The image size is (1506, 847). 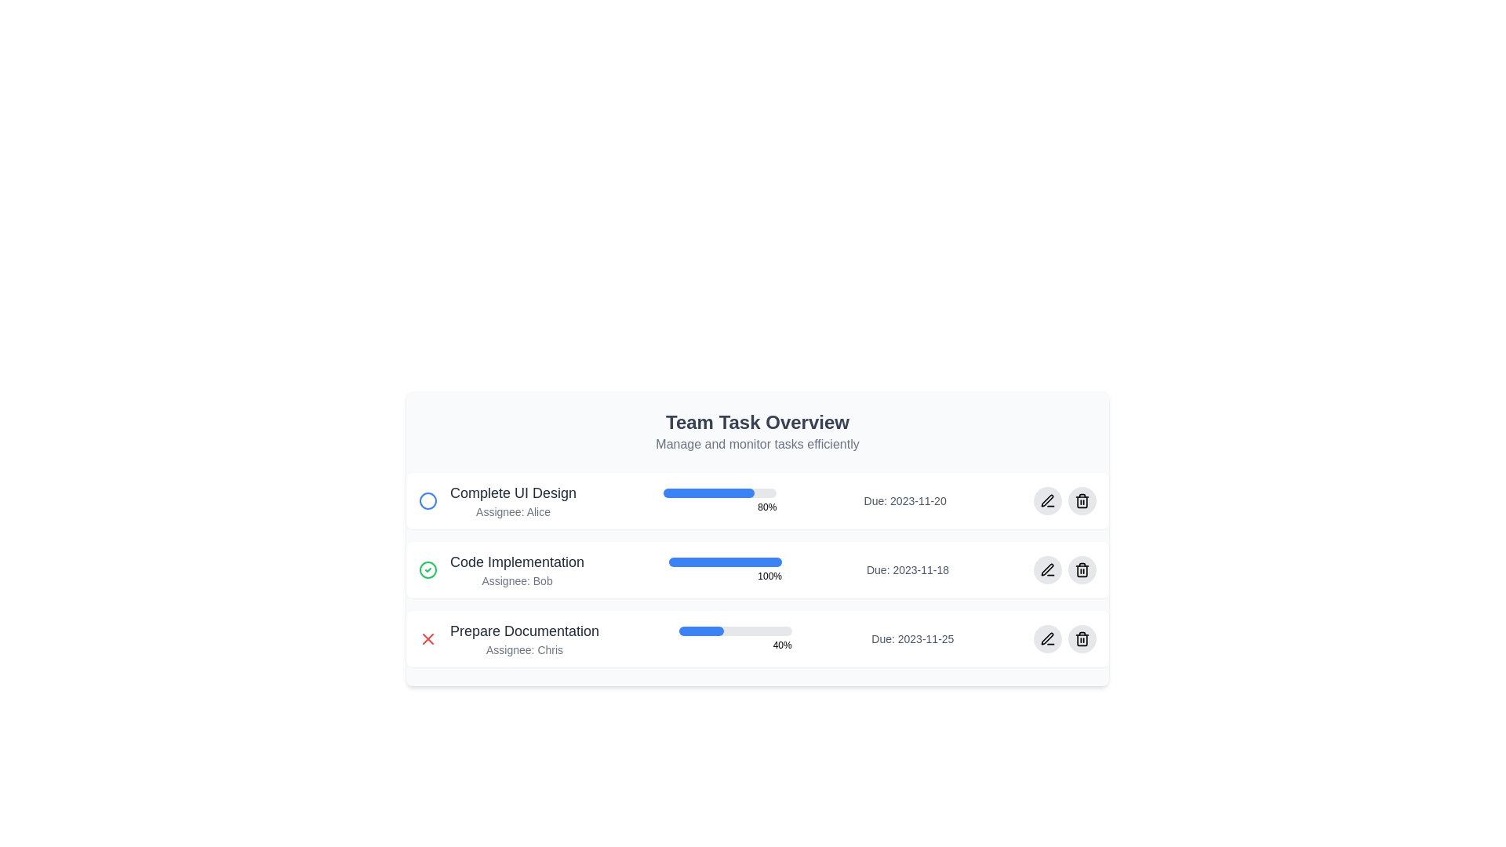 What do you see at coordinates (1047, 501) in the screenshot?
I see `the edit button located on the right side of the topmost task row, which allows the user to modify task details, to trigger a hover style change` at bounding box center [1047, 501].